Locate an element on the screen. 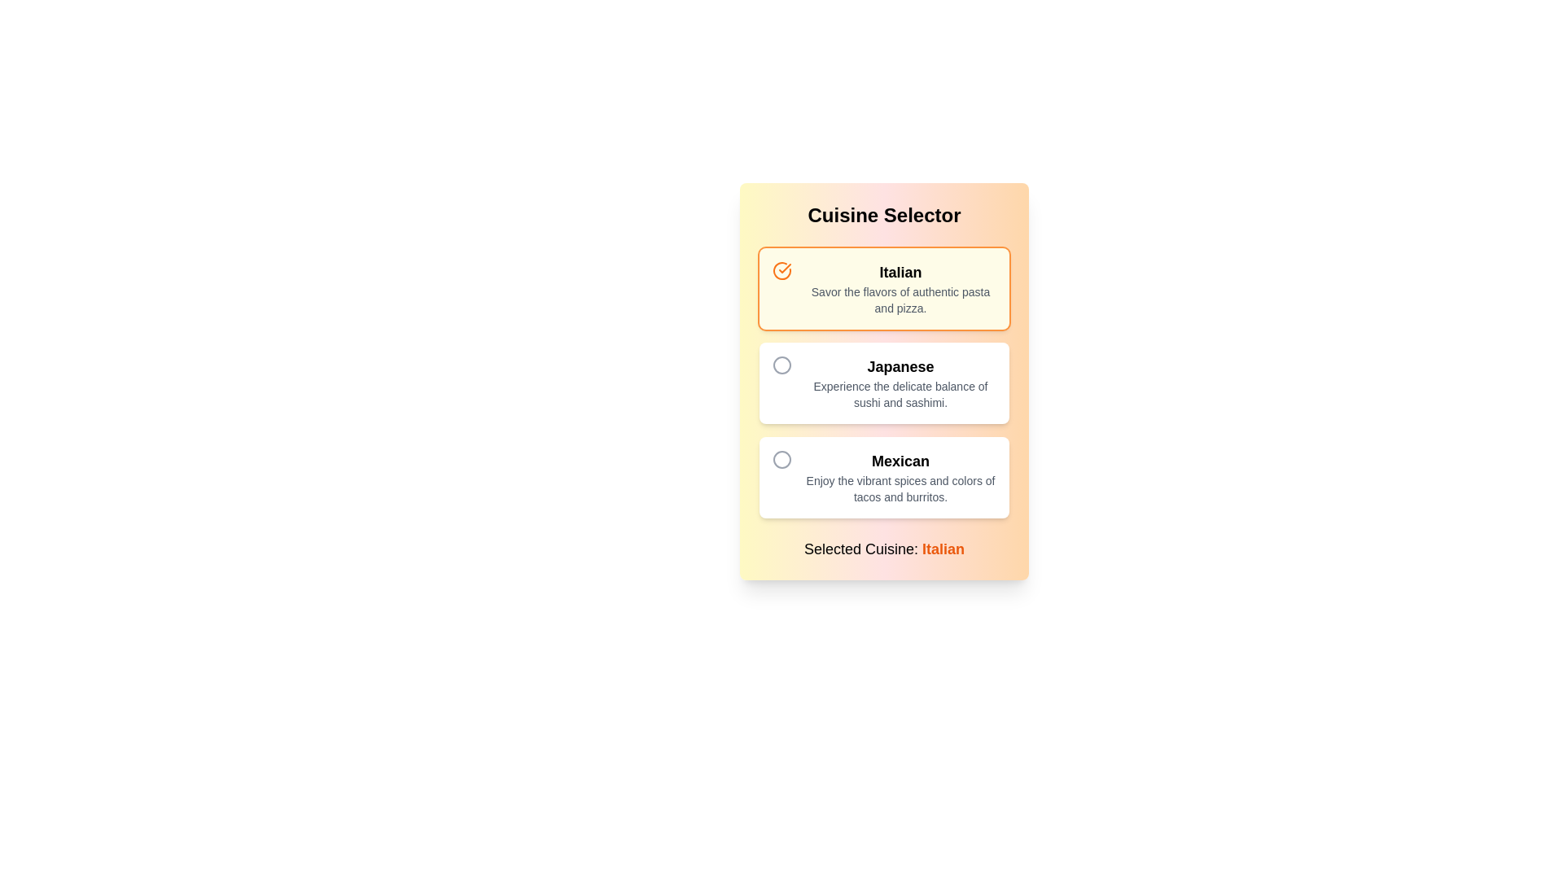 The width and height of the screenshot is (1563, 879). descriptive text label providing information about the 'Japanese' cuisine option, located directly below the bold title 'Japanese' is located at coordinates (900, 395).